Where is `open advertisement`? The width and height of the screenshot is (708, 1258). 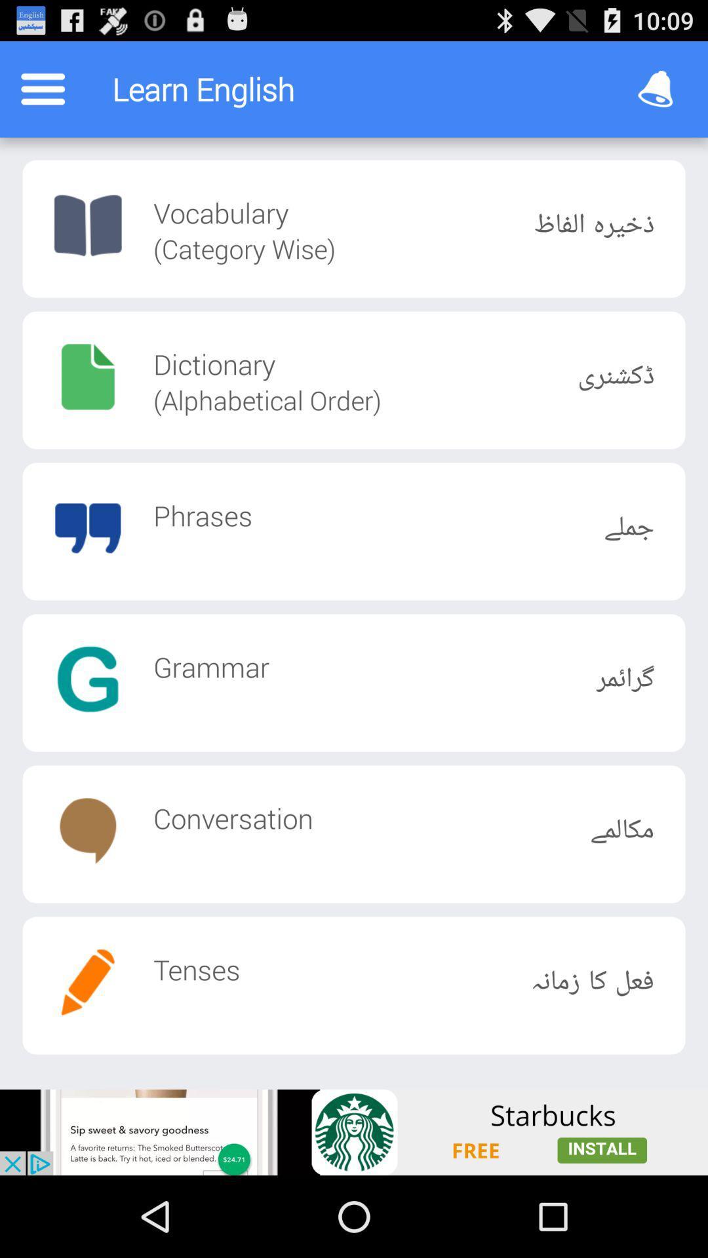 open advertisement is located at coordinates (354, 1132).